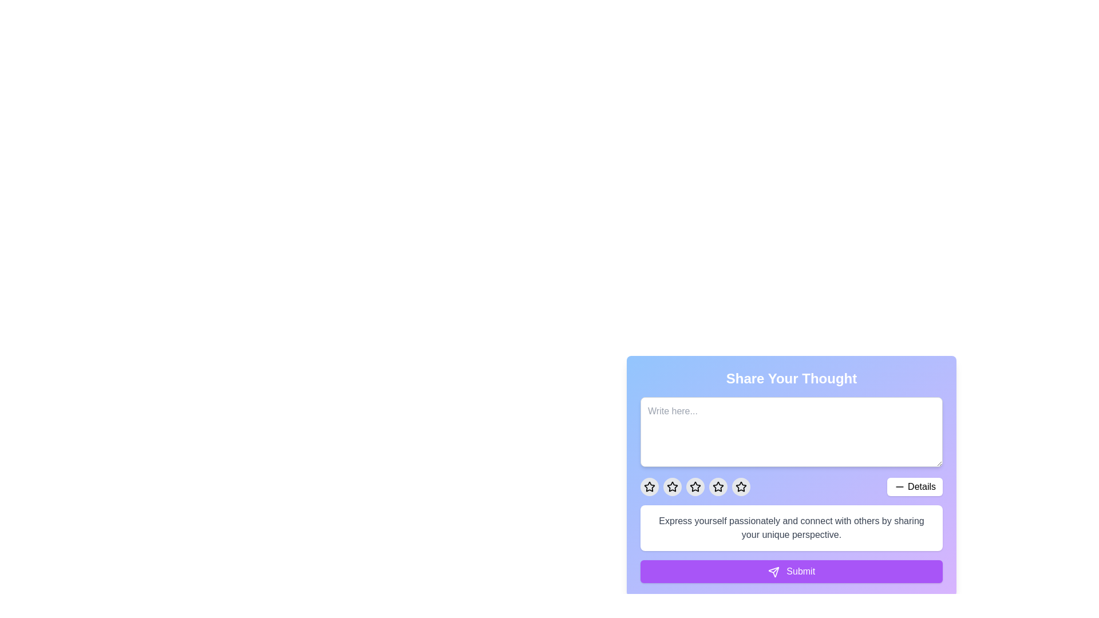 The width and height of the screenshot is (1099, 618). What do you see at coordinates (717, 487) in the screenshot?
I see `the circular rating button with a light gray background and a black star outline, which is the fourth button in a row of five rating buttons` at bounding box center [717, 487].